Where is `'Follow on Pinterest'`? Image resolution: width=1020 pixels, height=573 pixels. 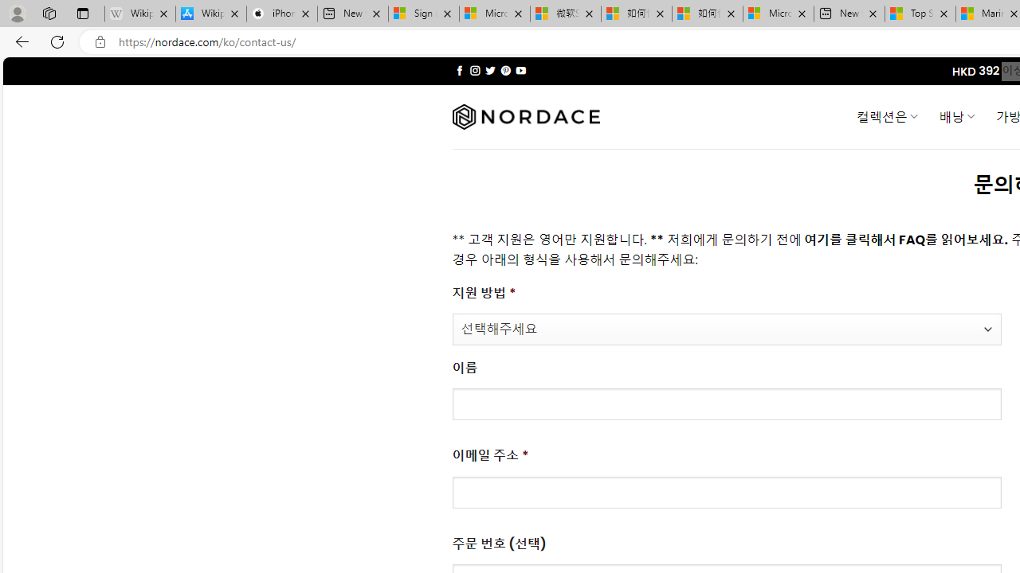 'Follow on Pinterest' is located at coordinates (504, 70).